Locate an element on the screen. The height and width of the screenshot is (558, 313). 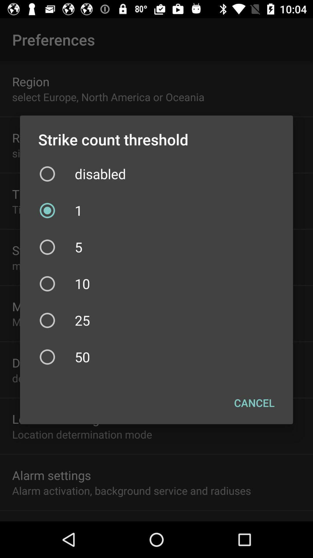
the cancel button is located at coordinates (254, 403).